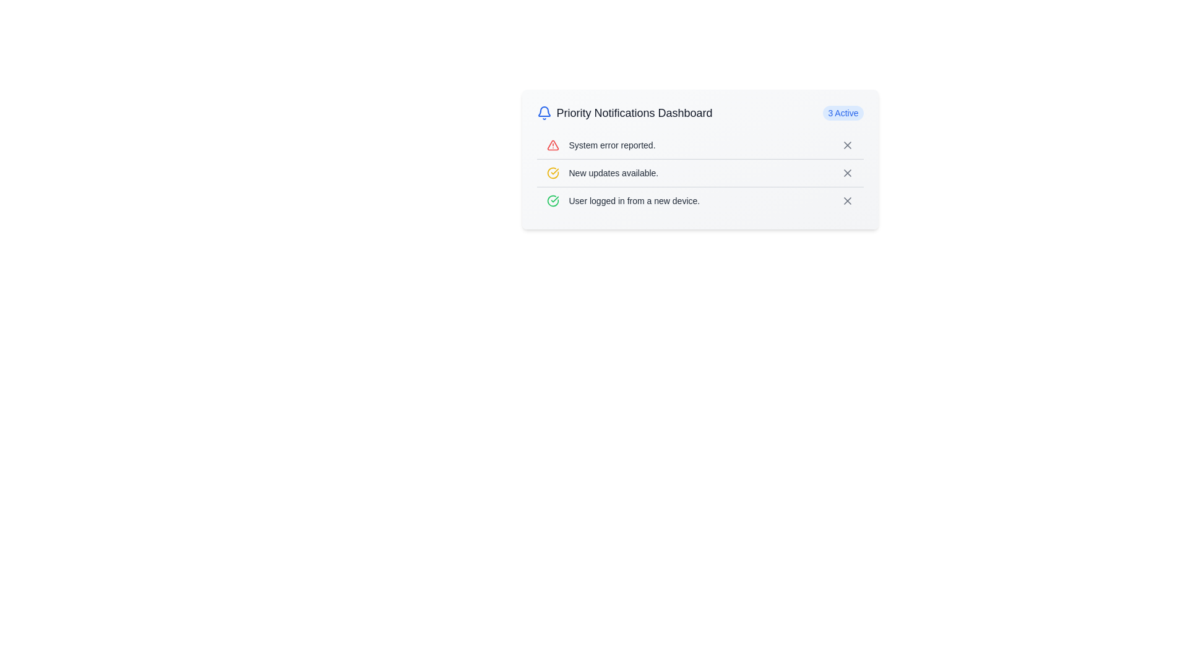  Describe the element at coordinates (846, 145) in the screenshot. I see `the dismiss button located in the top-right corner of the notification displaying 'System error reported'` at that location.